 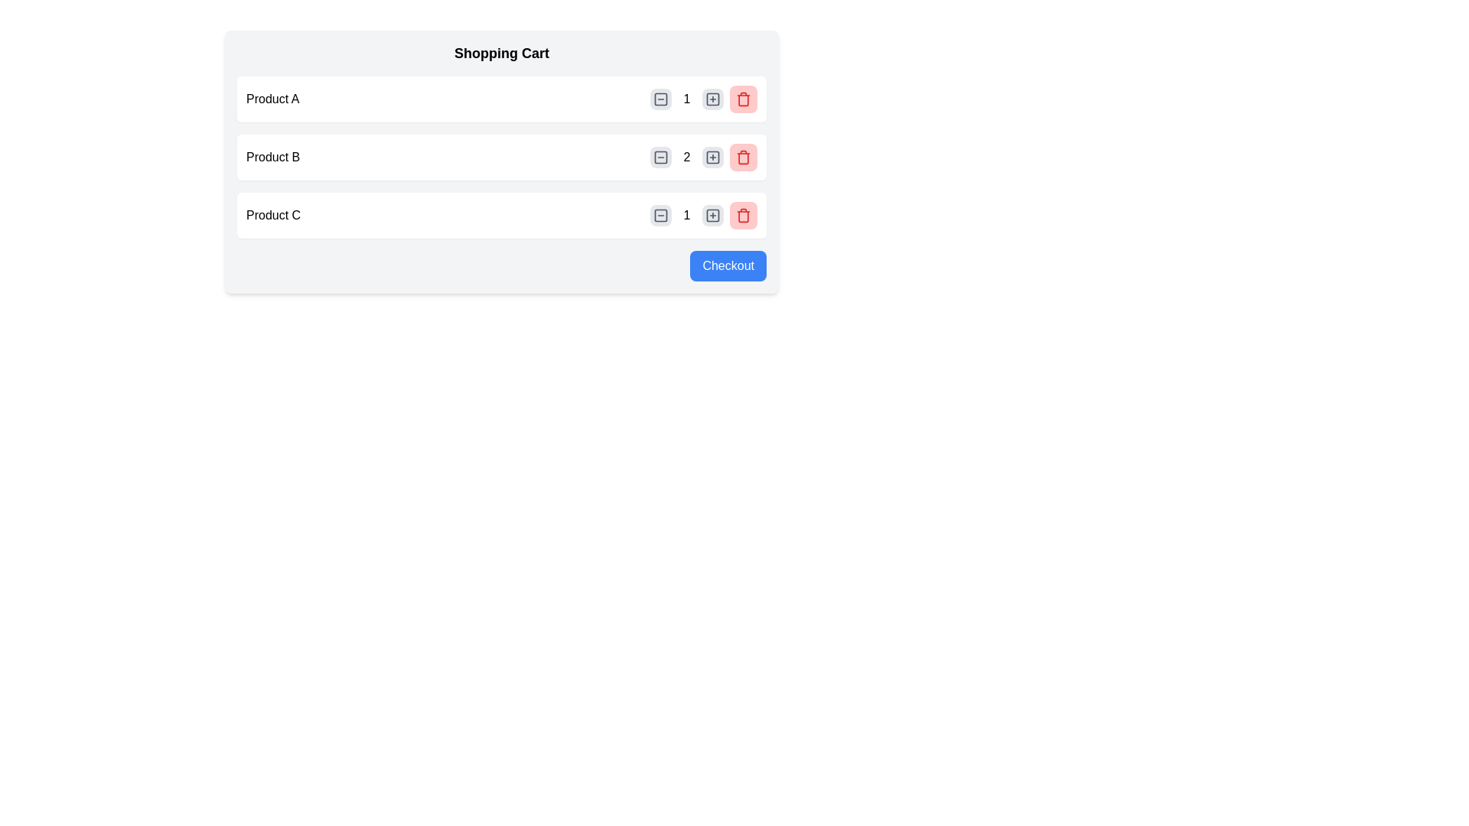 What do you see at coordinates (502, 157) in the screenshot?
I see `the item entry for 'Product B' in the shopping cart` at bounding box center [502, 157].